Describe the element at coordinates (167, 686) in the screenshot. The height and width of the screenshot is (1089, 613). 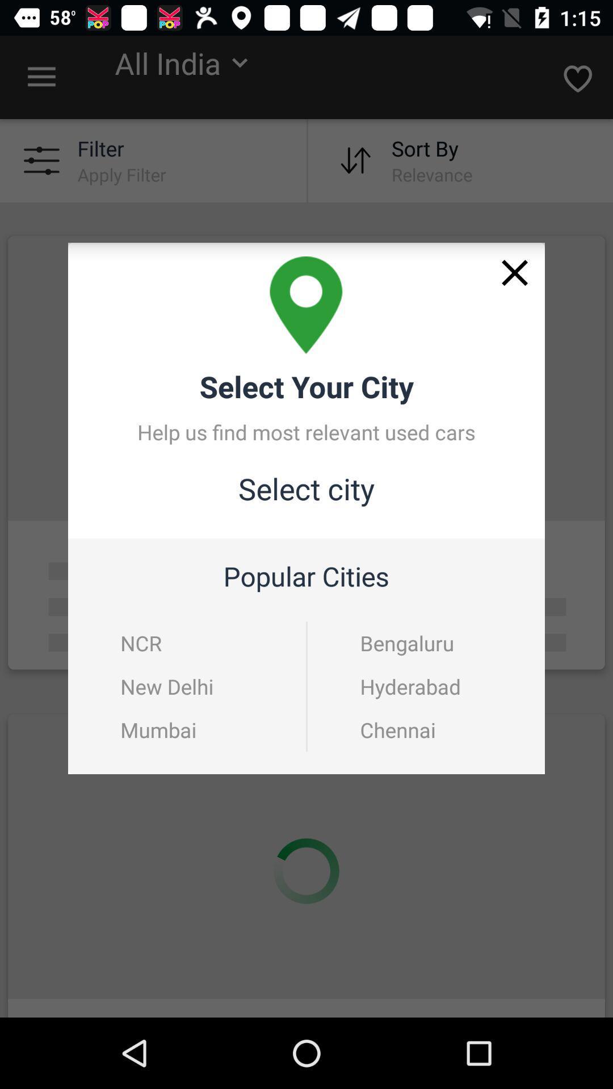
I see `item below the ncr icon` at that location.